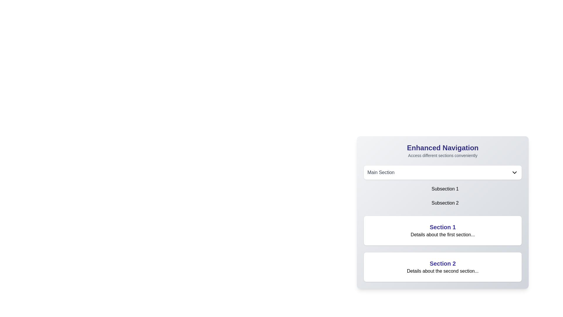  Describe the element at coordinates (443, 187) in the screenshot. I see `the Dropdown menu with selectable items located in the 'Enhanced Navigation' card` at that location.